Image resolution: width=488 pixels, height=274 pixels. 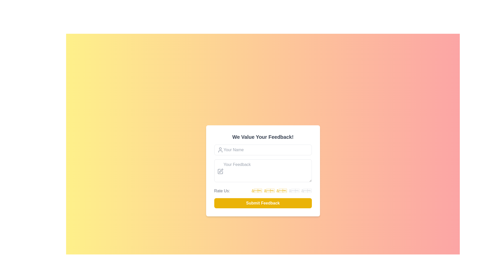 I want to click on the inactive gray star button, so click(x=294, y=191).